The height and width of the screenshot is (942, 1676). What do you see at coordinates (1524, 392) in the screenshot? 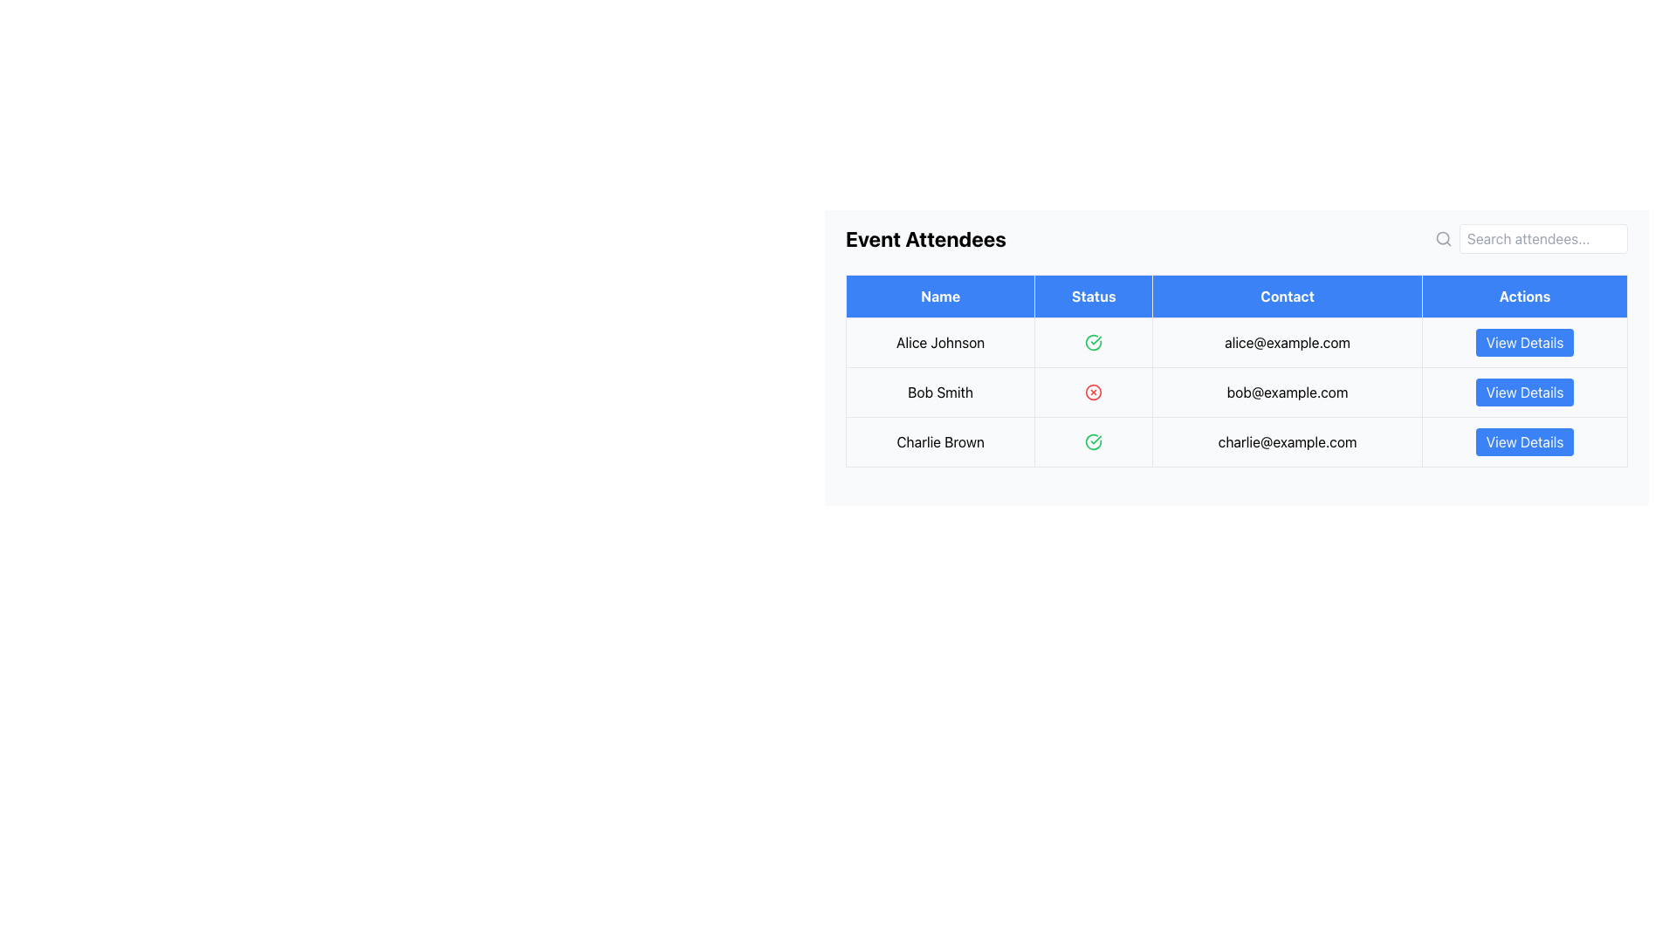
I see `the second button in the 'Actions' column` at bounding box center [1524, 392].